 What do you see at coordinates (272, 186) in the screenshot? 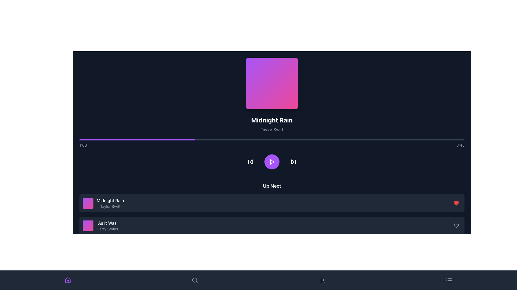
I see `the non-interactive header text label indicating the upcoming tracks in the music playlist` at bounding box center [272, 186].